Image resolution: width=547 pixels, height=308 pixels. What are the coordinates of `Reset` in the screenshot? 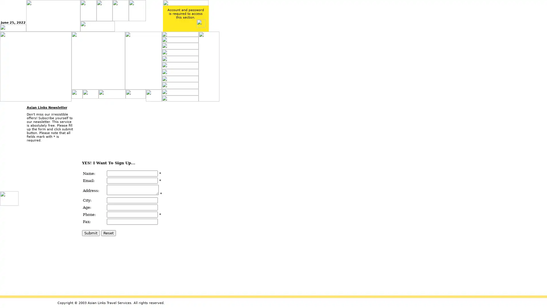 It's located at (108, 233).